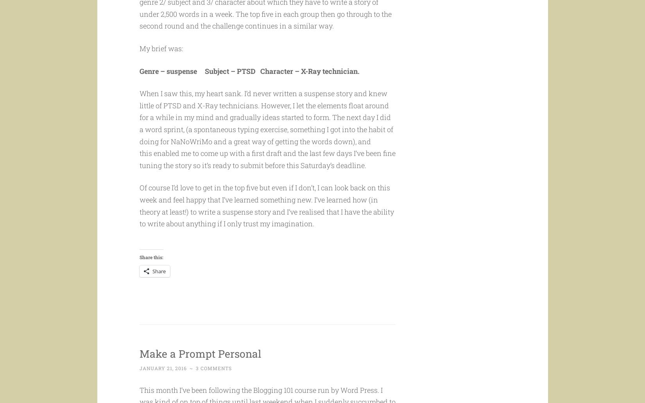 This screenshot has width=645, height=403. Describe the element at coordinates (267, 144) in the screenshot. I see `'When I saw this, my heart sank. I’d never written a suspense story and knew little of PTSD and X-Ray technicians. However, I let the elements float around for a while in my mind and gradually ideas started to form. The next day I did a word sprint, (a spontaneous typing exercise, something I got into the habit of doing for NaNoWriMo and a great way of getting the words down), and this enabled me to come up with a first draft and the last few days I’ve been fine tuning the story so it’s ready to submit before this Saturday’s deadline.'` at that location.